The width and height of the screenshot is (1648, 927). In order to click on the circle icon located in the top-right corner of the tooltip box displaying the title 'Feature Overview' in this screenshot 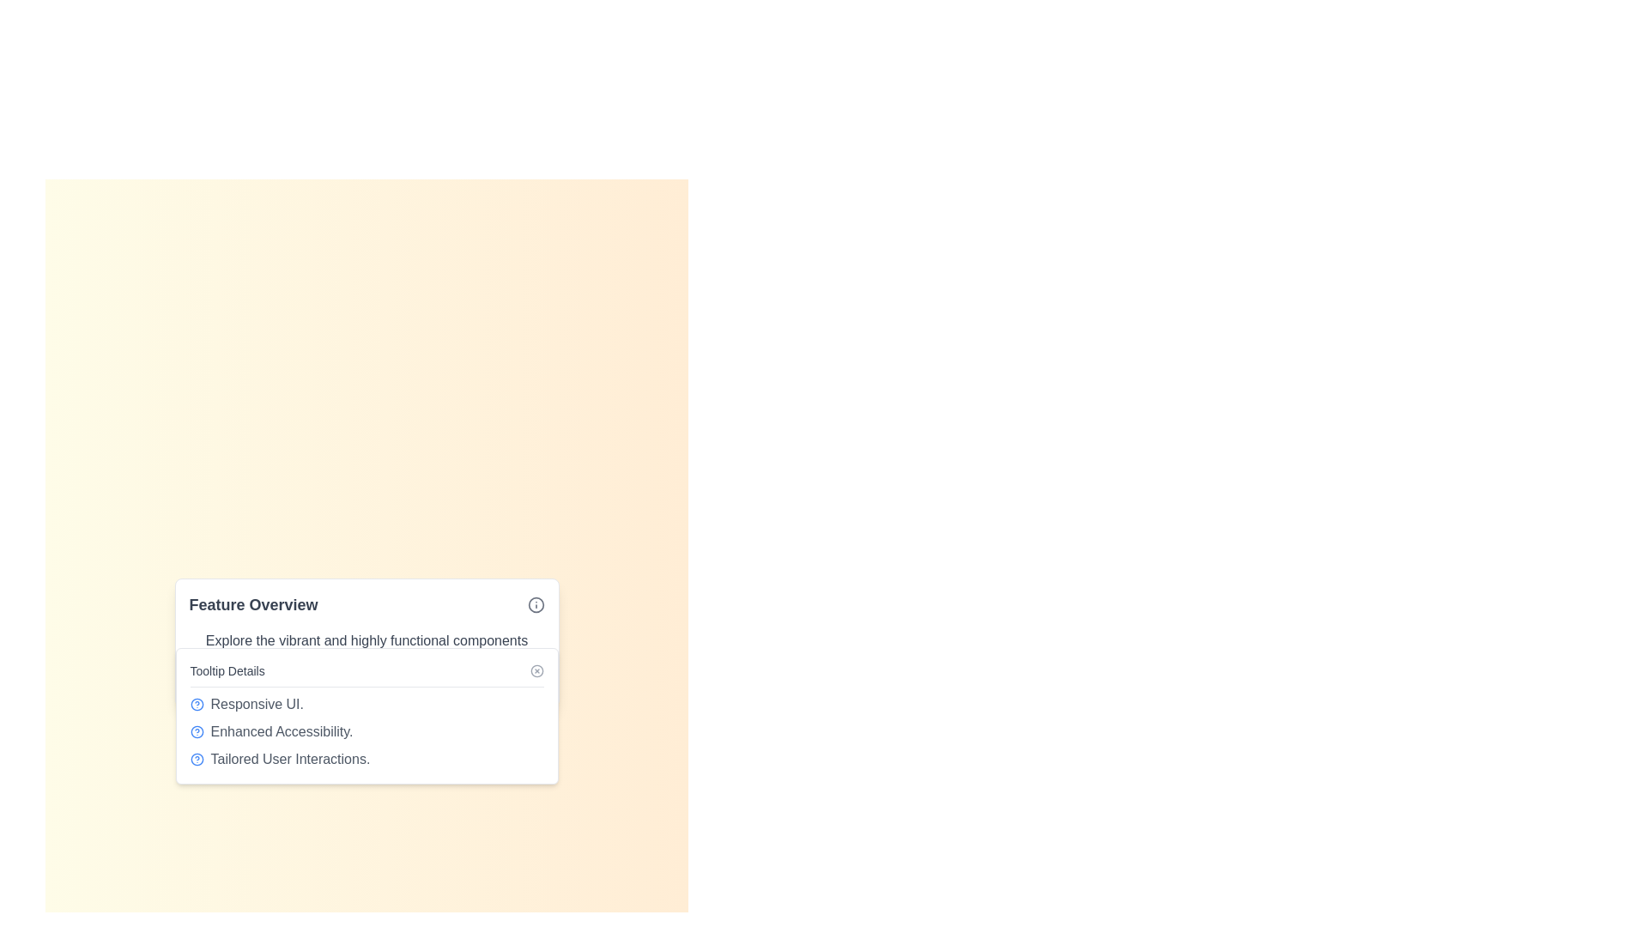, I will do `click(535, 604)`.